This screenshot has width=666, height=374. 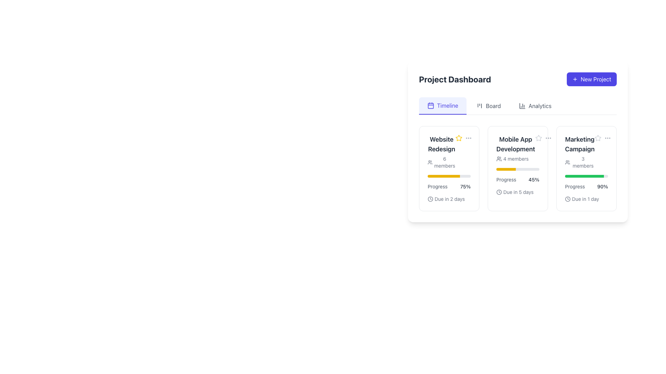 I want to click on the small circular gray clock icon located to the left of the text 'Due in 1 day' within the 'Marketing Campaign' card on the 'Project Dashboard', so click(x=567, y=199).